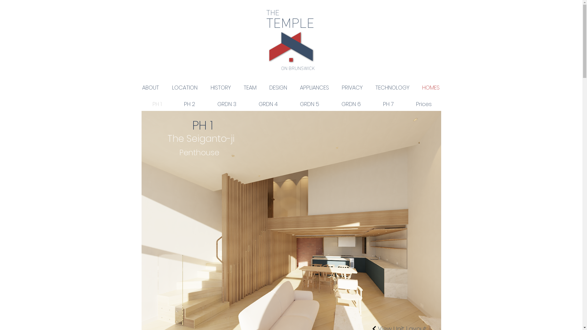 The image size is (587, 330). What do you see at coordinates (314, 87) in the screenshot?
I see `'APPLIANCES'` at bounding box center [314, 87].